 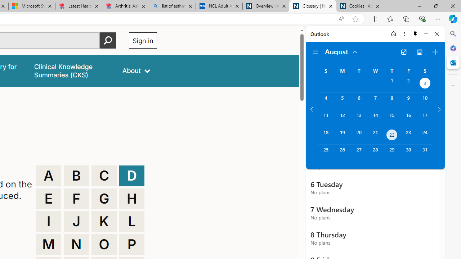 What do you see at coordinates (393, 33) in the screenshot?
I see `'Home'` at bounding box center [393, 33].